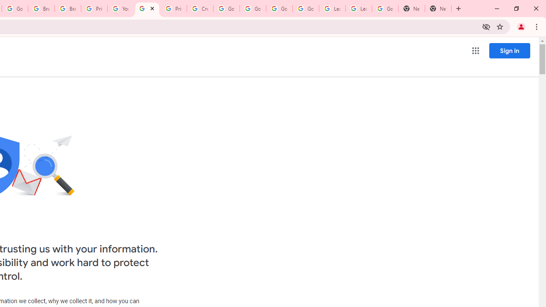  What do you see at coordinates (41, 9) in the screenshot?
I see `'Brand Resource Center'` at bounding box center [41, 9].